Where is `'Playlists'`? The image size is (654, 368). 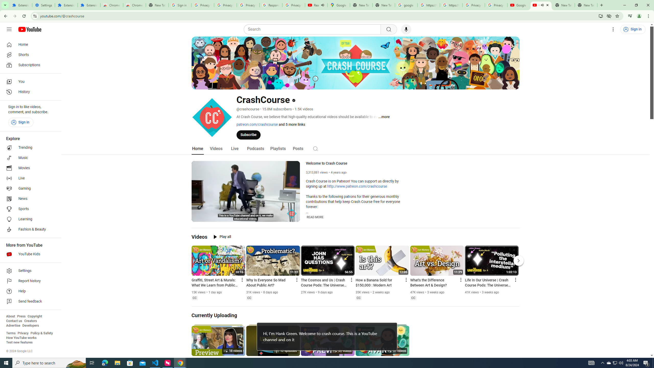
'Playlists' is located at coordinates (278, 148).